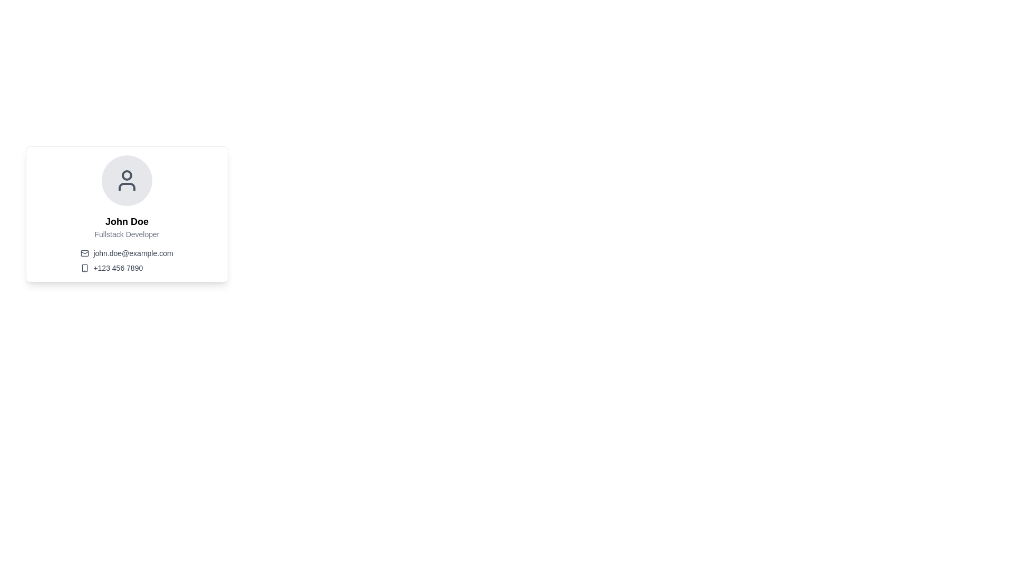 Image resolution: width=1012 pixels, height=569 pixels. I want to click on the email text label displaying 'john.doe@example.com' to potentially reveal a tooltip, so click(133, 253).